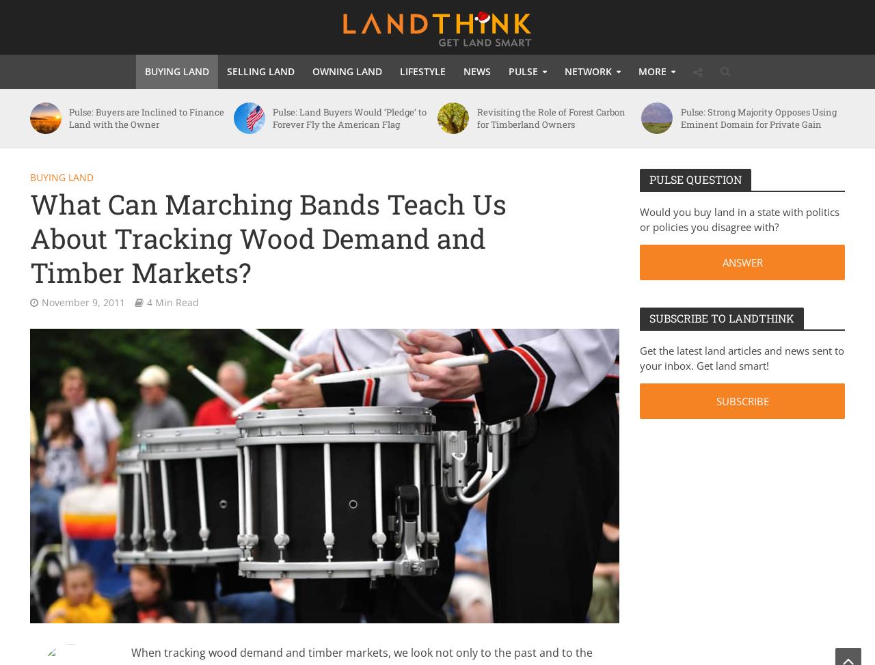  Describe the element at coordinates (349, 118) in the screenshot. I see `'Pulse: Land Buyers Would ‘Pledge’ to Forever Fly the American Flag'` at that location.